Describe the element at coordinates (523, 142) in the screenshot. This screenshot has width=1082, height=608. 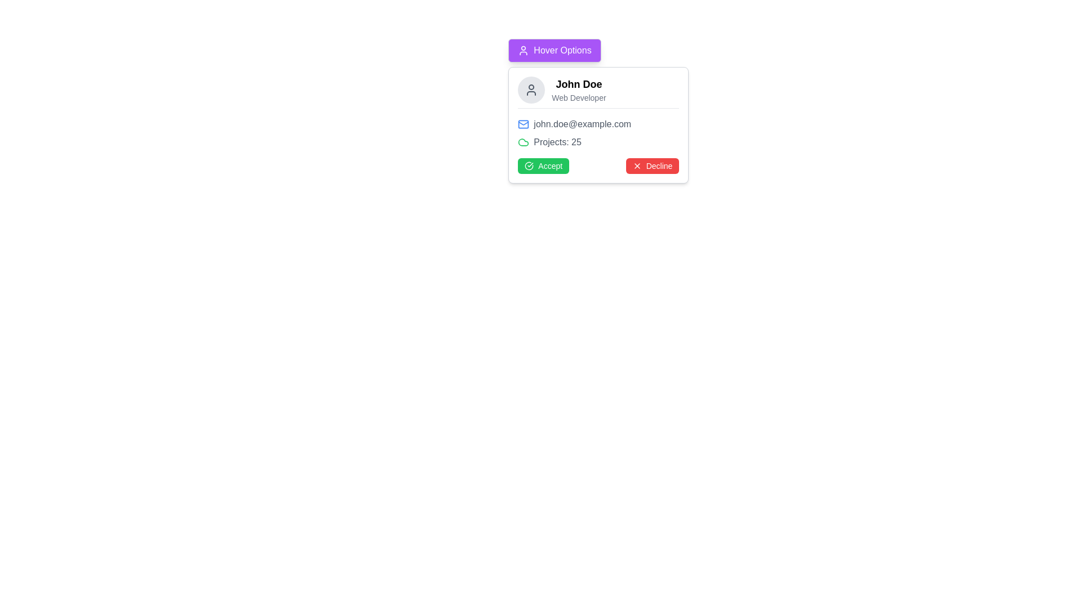
I see `the cloud-related icon located in the top-right corner of the card interface` at that location.